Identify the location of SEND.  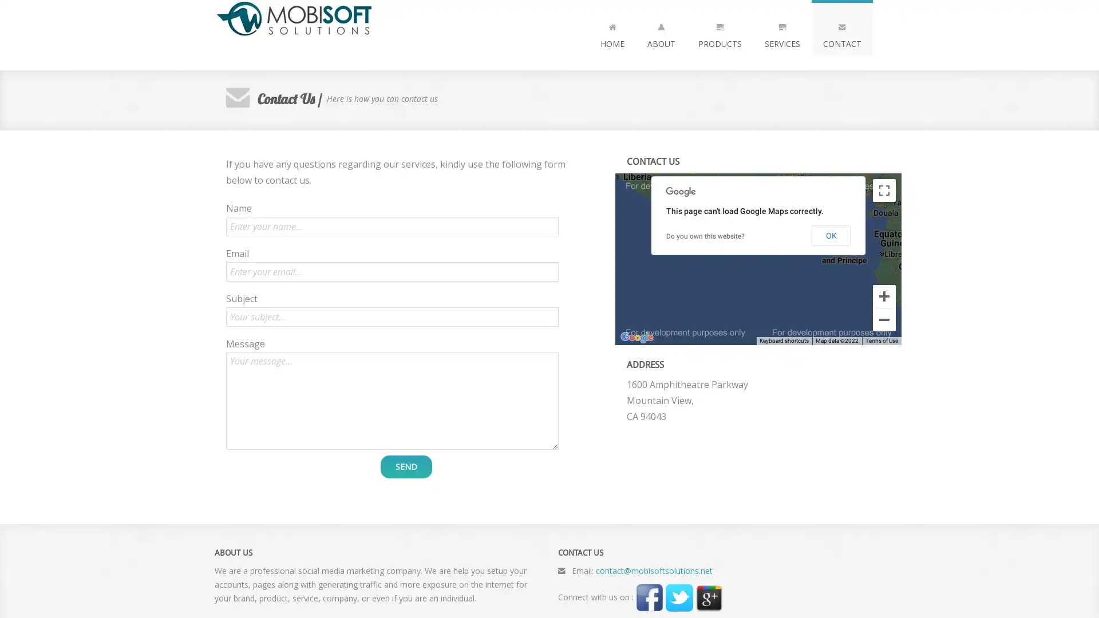
(406, 467).